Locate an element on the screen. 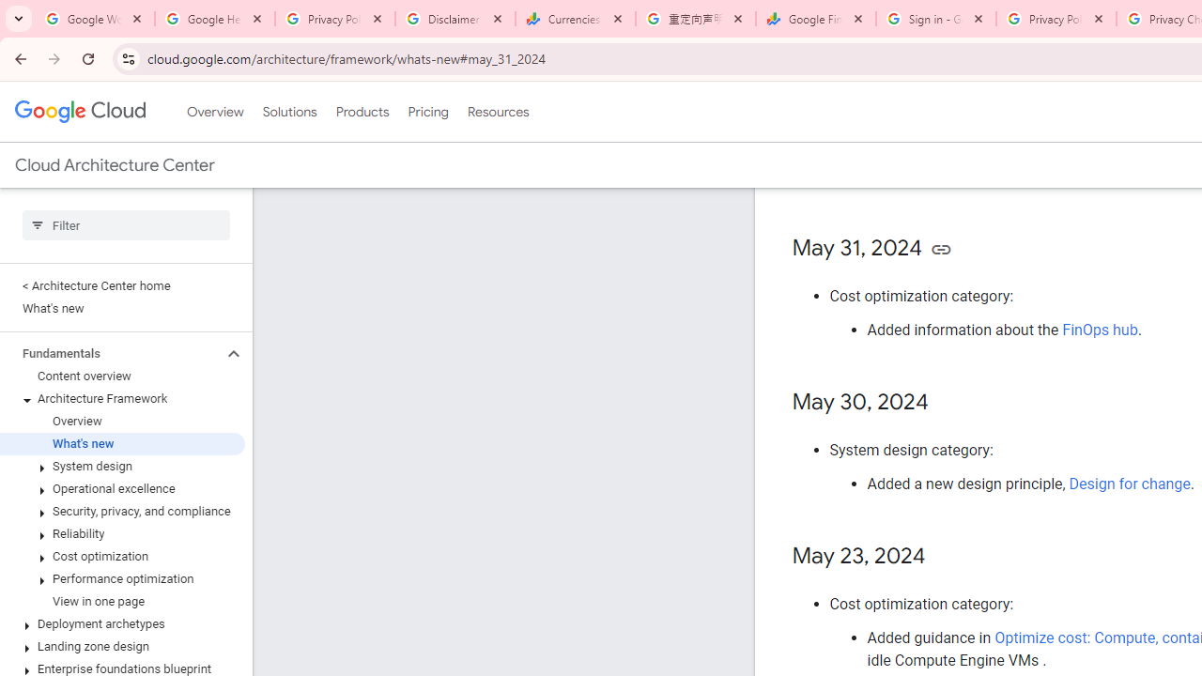 Image resolution: width=1202 pixels, height=676 pixels. 'Type to filter' is located at coordinates (125, 224).